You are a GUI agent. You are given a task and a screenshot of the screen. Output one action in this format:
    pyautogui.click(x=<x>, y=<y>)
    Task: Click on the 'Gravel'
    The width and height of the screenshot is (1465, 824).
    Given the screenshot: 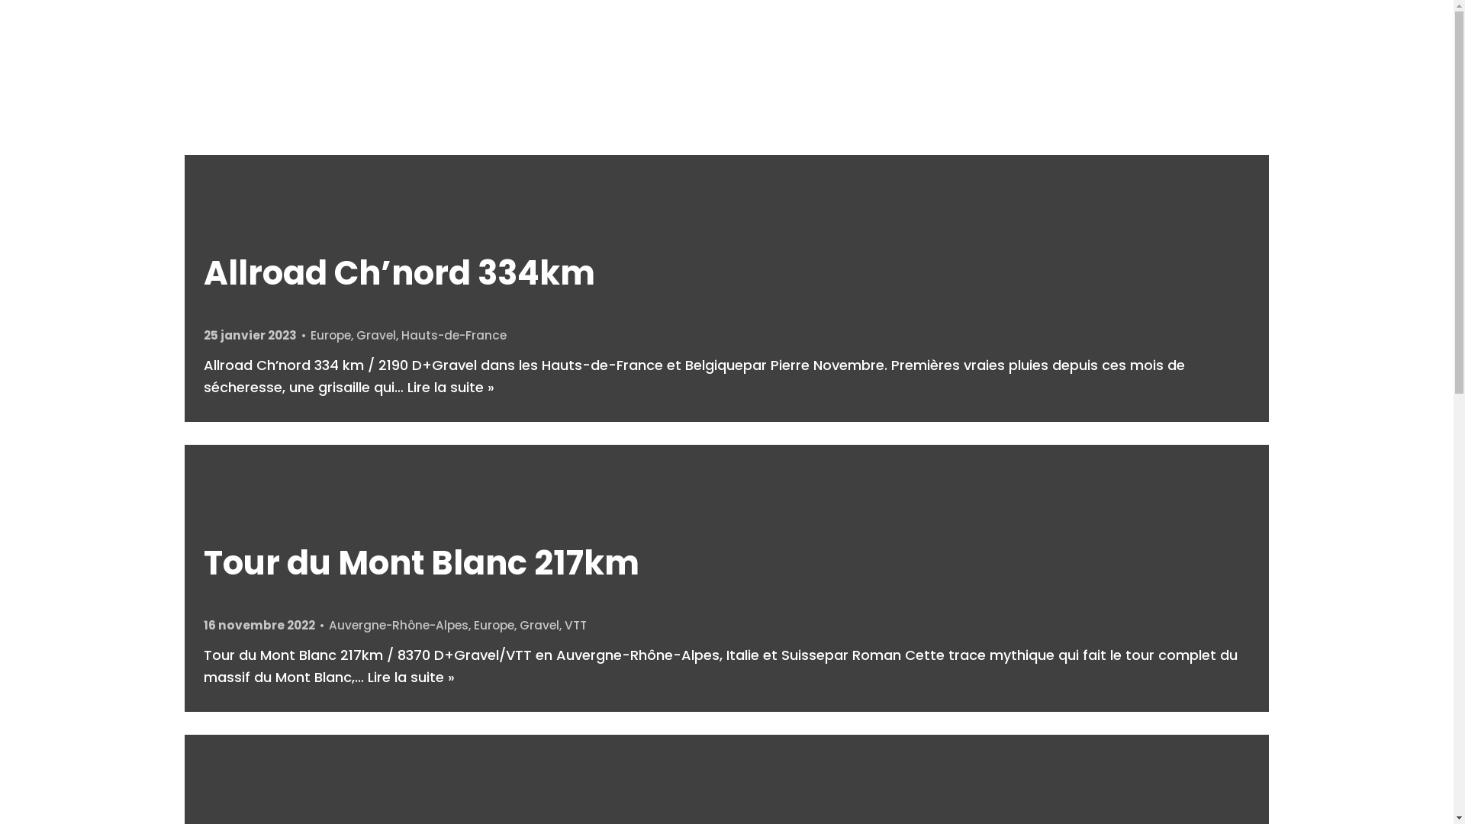 What is the action you would take?
    pyautogui.click(x=355, y=334)
    